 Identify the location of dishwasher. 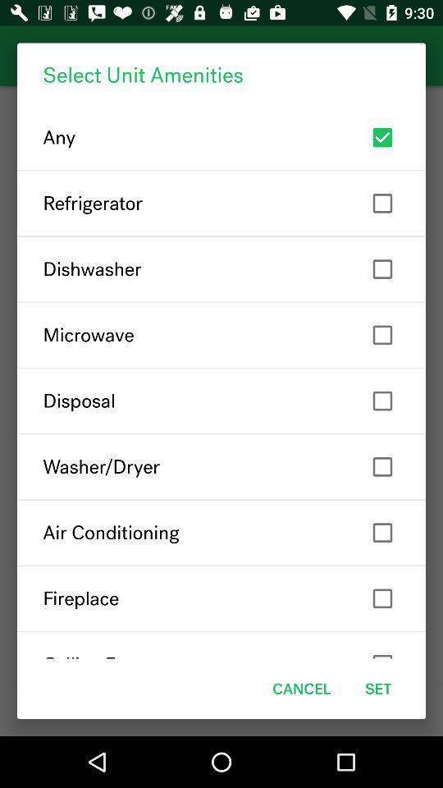
(221, 269).